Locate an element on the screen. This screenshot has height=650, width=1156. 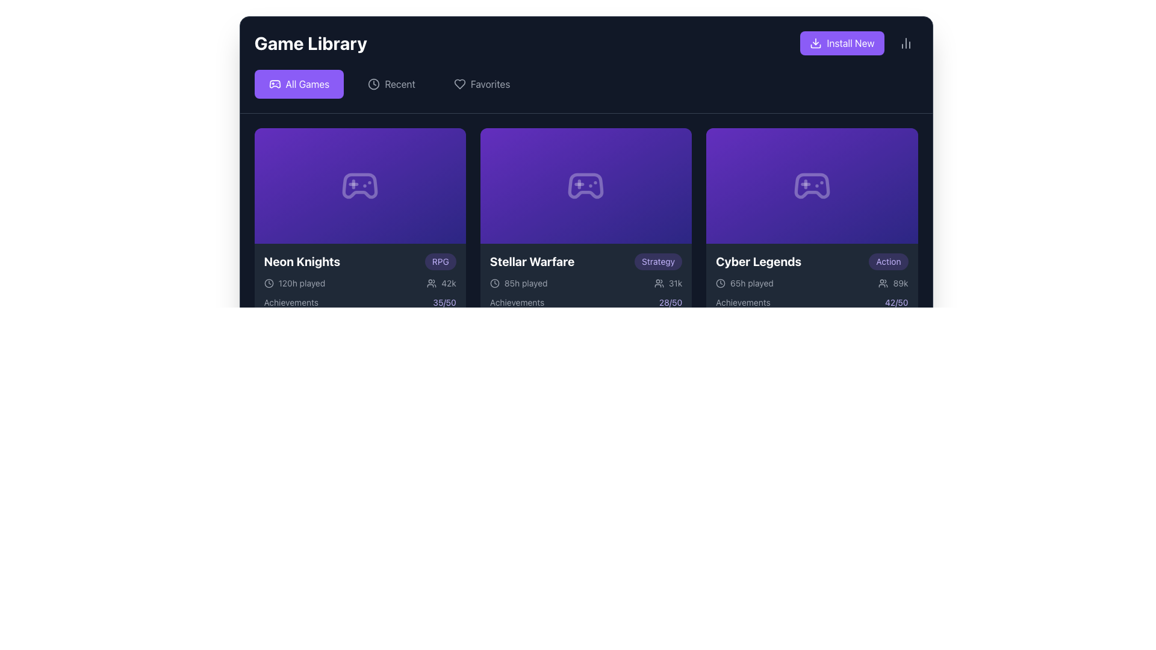
the 'Achievements' label, which is displayed in light gray against a dark background, located under the '65h played' text in the bottom header of the Cyber Legends game card is located at coordinates (742, 302).